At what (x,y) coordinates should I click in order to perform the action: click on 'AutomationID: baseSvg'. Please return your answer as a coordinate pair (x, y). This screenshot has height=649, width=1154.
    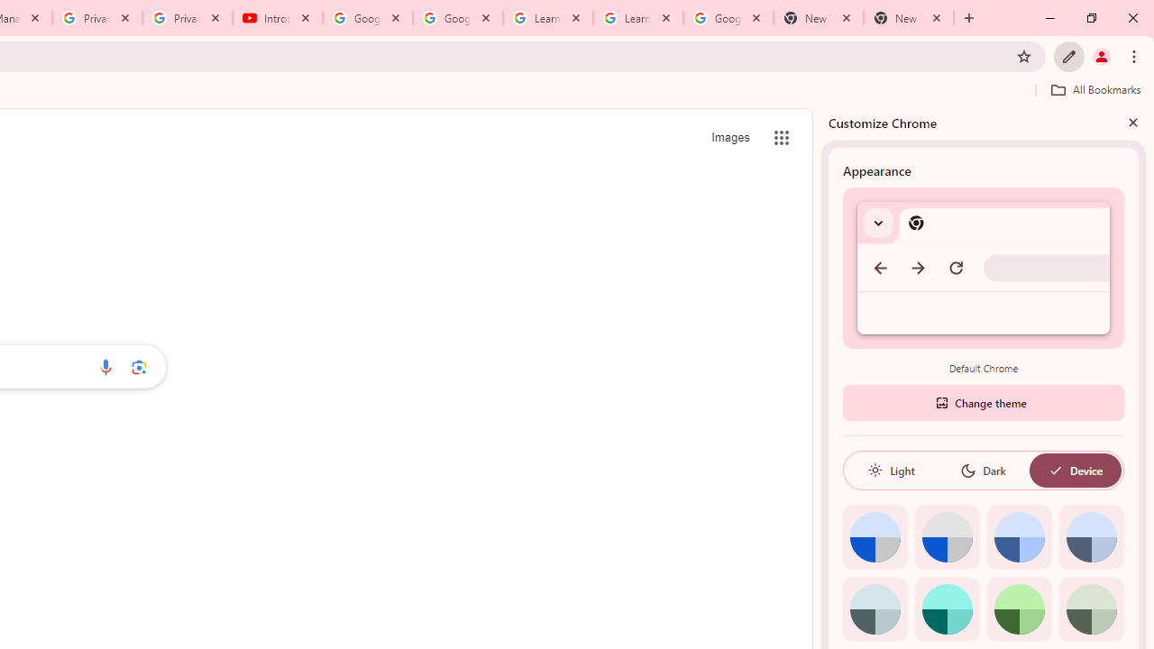
    Looking at the image, I should click on (1055, 470).